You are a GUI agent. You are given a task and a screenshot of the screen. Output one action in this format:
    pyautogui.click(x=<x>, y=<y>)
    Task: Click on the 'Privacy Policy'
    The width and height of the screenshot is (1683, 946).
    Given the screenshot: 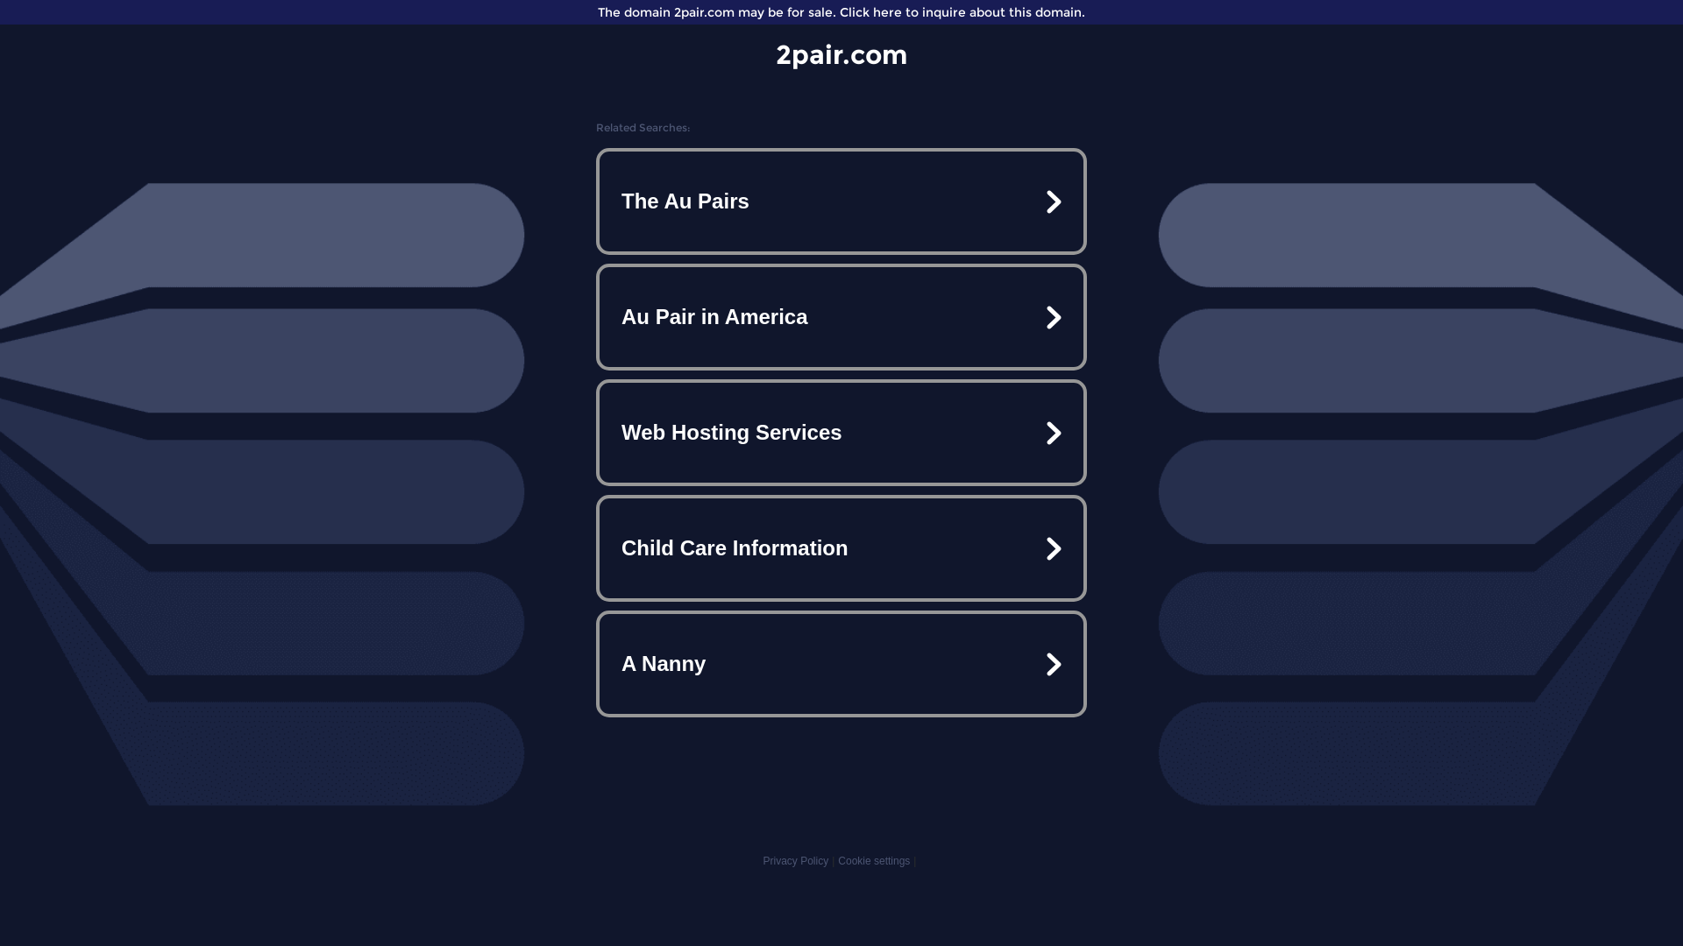 What is the action you would take?
    pyautogui.click(x=794, y=860)
    